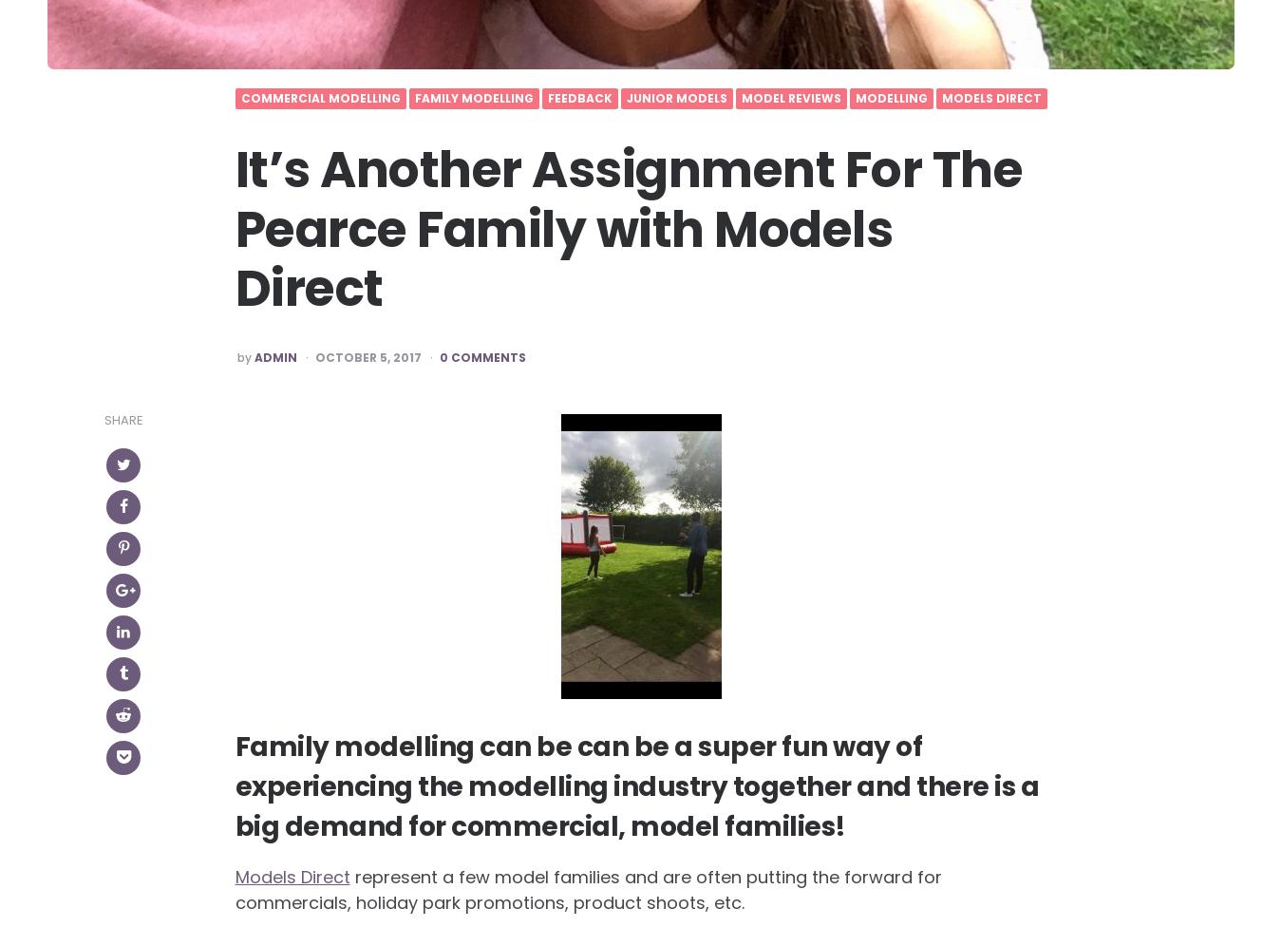  Describe the element at coordinates (242, 356) in the screenshot. I see `'by'` at that location.